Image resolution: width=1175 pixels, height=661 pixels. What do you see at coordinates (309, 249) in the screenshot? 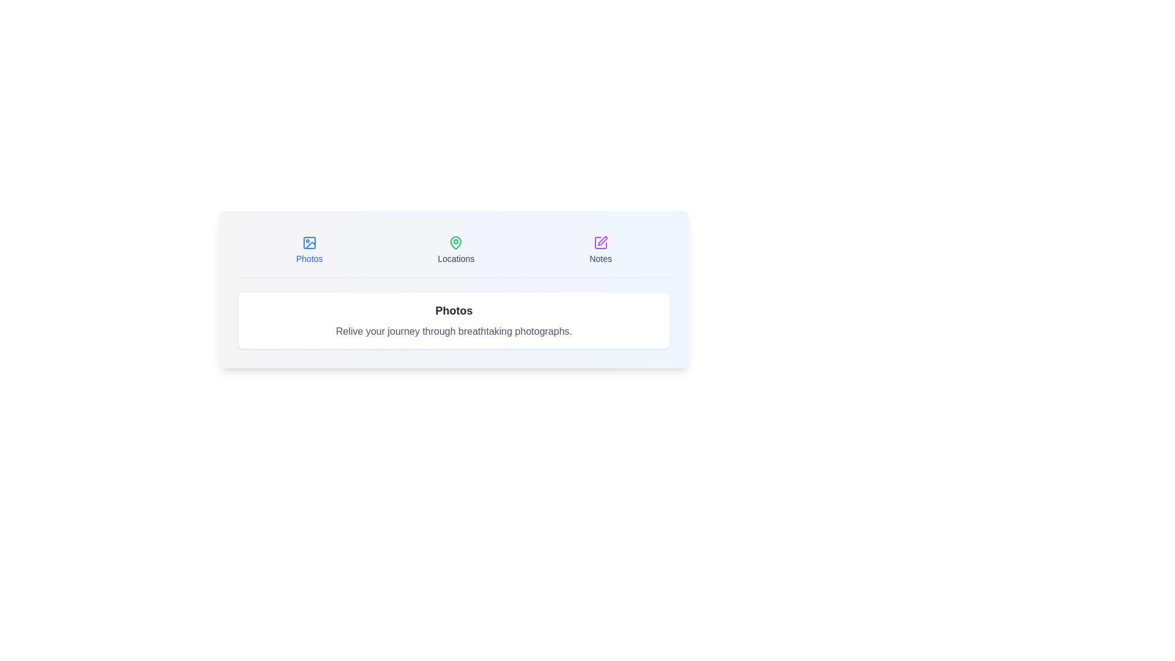
I see `the Photos tab by clicking on it` at bounding box center [309, 249].